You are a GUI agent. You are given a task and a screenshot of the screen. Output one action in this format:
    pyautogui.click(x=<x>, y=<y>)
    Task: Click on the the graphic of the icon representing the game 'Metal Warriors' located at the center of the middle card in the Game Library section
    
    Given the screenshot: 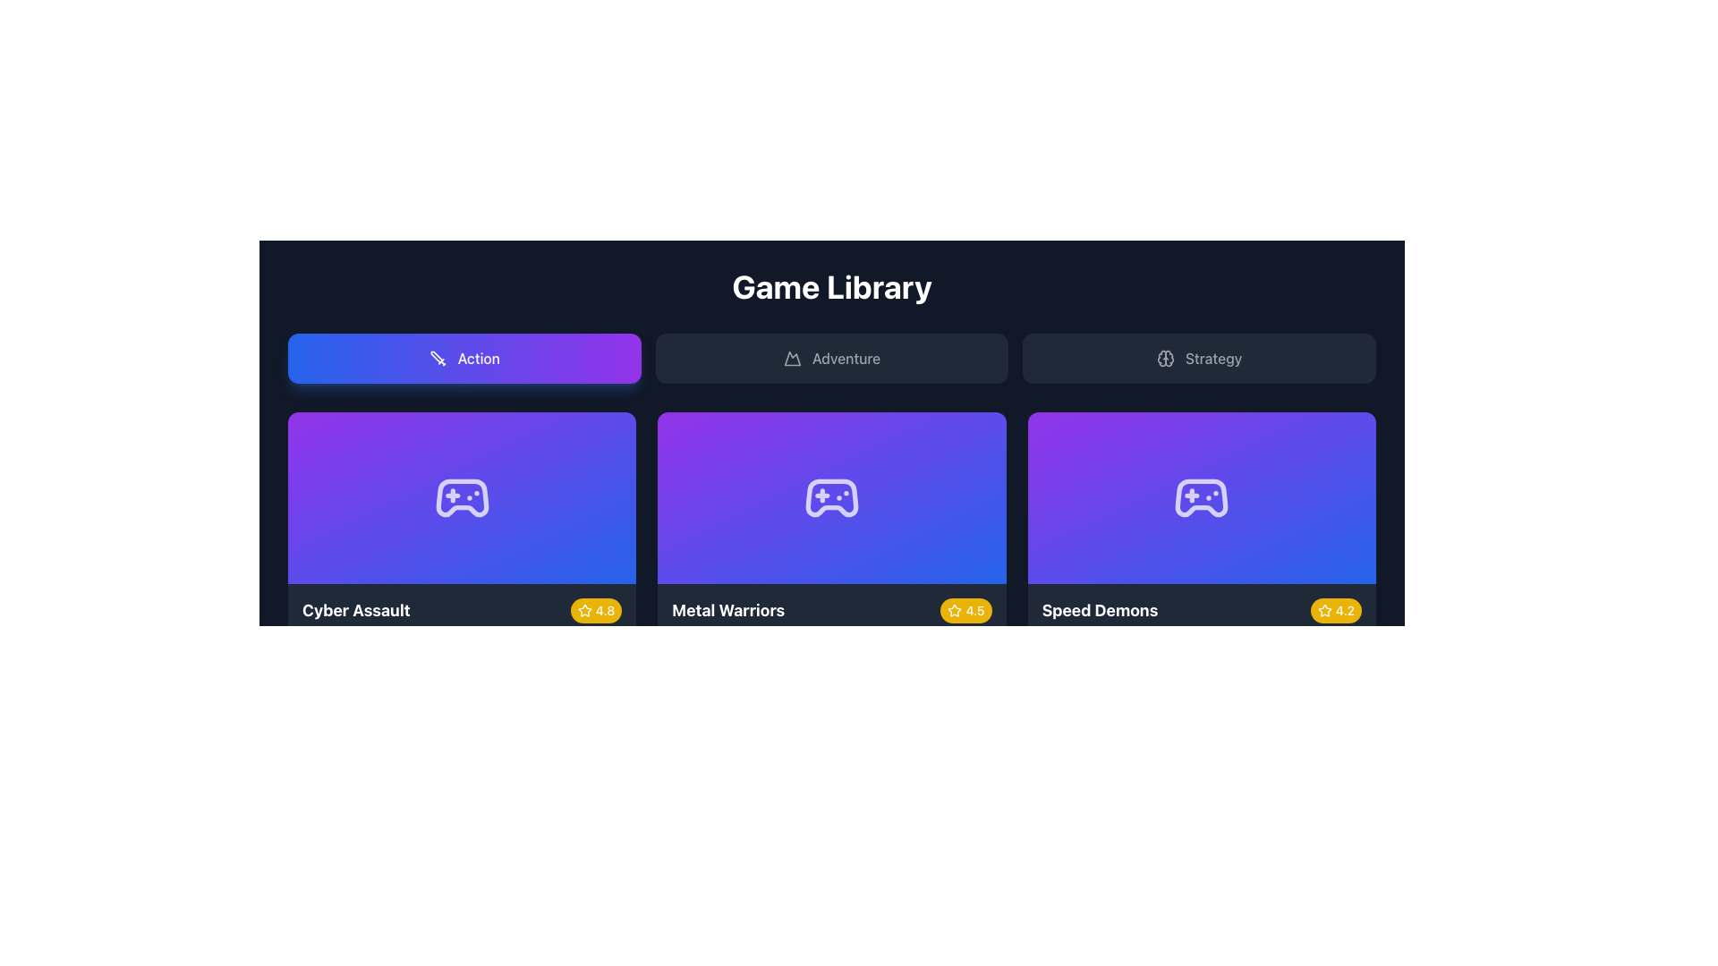 What is the action you would take?
    pyautogui.click(x=831, y=497)
    